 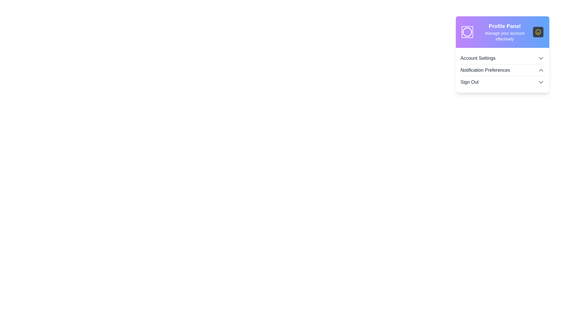 What do you see at coordinates (470, 82) in the screenshot?
I see `the 'Sign Out' label located at the bottom of the dropdown menu in the profile panel to initiate sign-out` at bounding box center [470, 82].